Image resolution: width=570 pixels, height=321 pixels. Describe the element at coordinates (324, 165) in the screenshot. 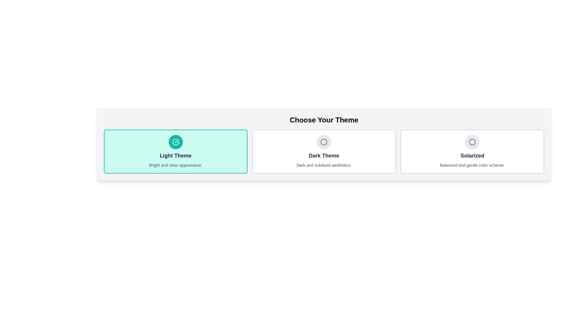

I see `the text display element that shows 'Dark and subdued aesthetics.' located below the title 'Dark Theme' in the second theme option` at that location.